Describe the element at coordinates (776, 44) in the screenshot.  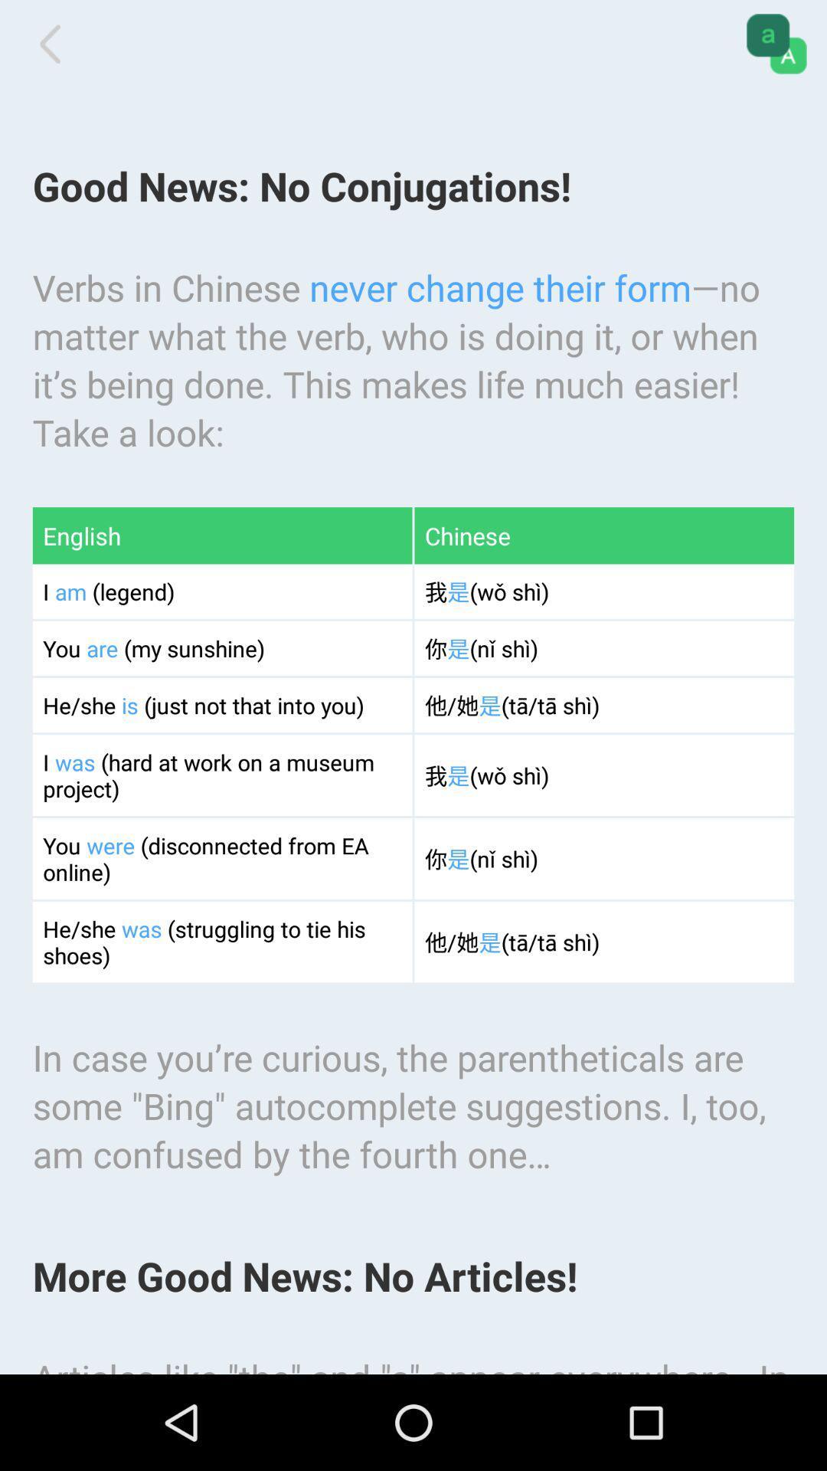
I see `app above verbs in chinese app` at that location.